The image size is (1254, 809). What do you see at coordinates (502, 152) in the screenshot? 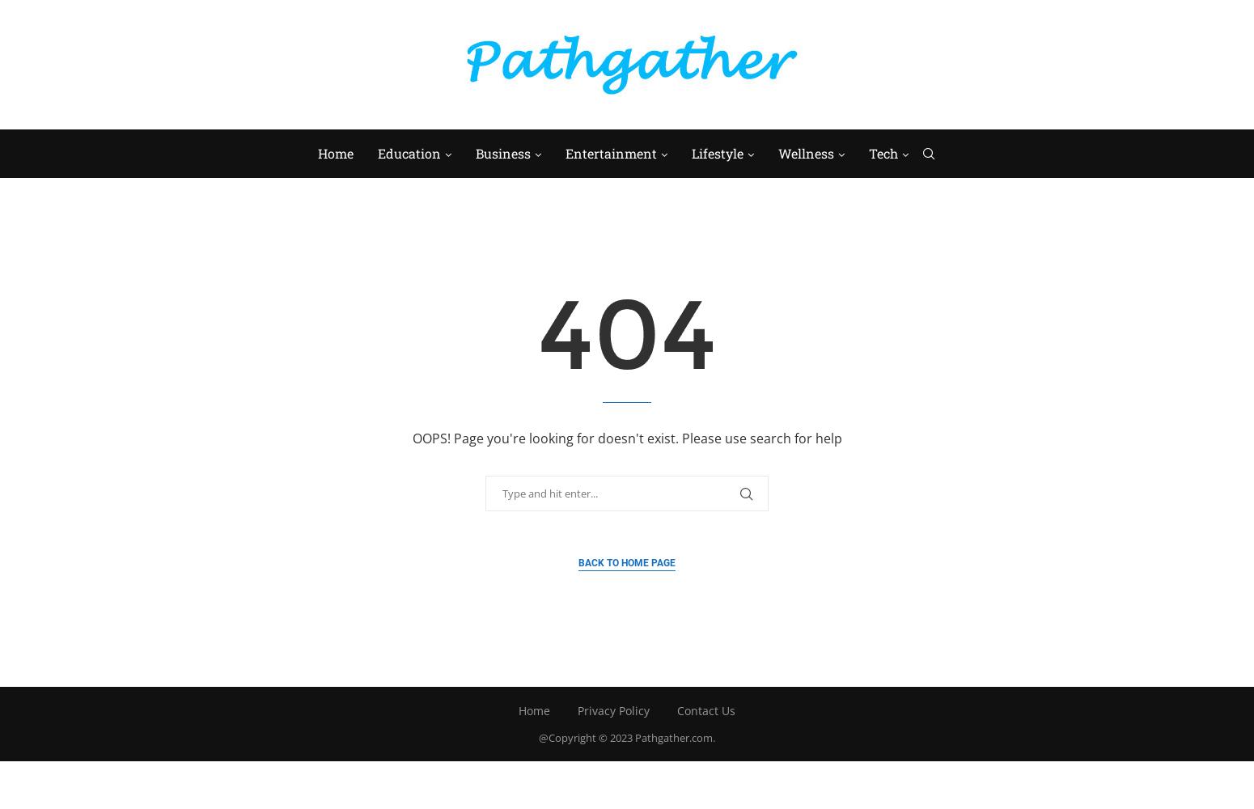
I see `'Business'` at bounding box center [502, 152].